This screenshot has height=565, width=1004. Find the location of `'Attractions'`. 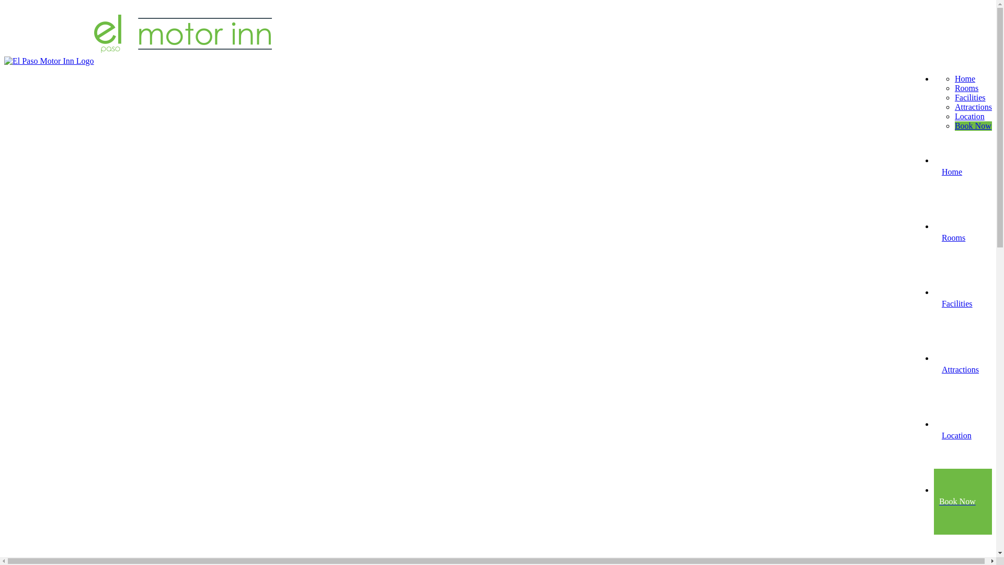

'Attractions' is located at coordinates (962, 369).